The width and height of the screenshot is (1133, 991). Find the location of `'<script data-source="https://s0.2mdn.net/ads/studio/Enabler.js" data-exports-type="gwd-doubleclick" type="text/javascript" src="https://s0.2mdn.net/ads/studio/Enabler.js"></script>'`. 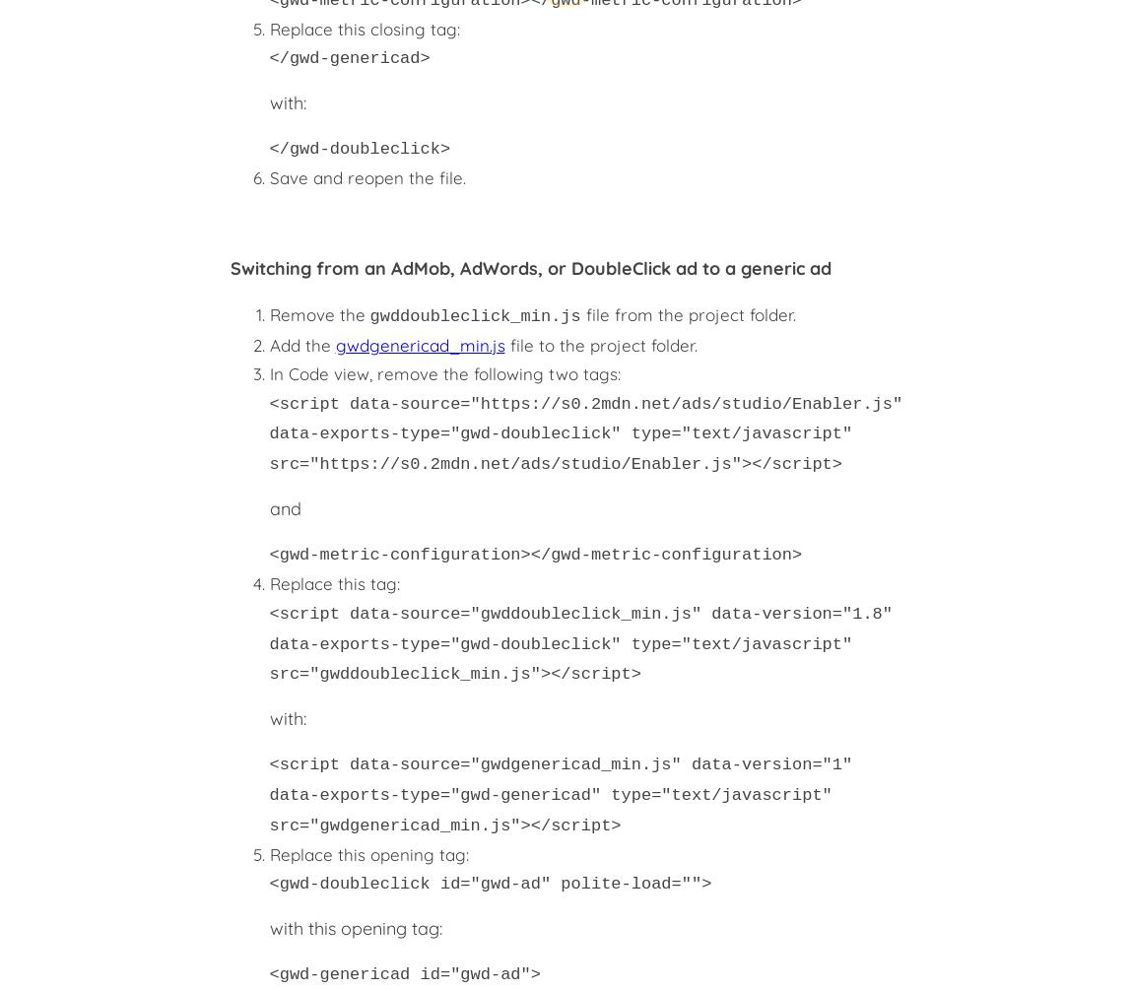

'<script data-source="https://s0.2mdn.net/ads/studio/Enabler.js" data-exports-type="gwd-doubleclick" type="text/javascript" src="https://s0.2mdn.net/ads/studio/Enabler.js"></script>' is located at coordinates (584, 432).